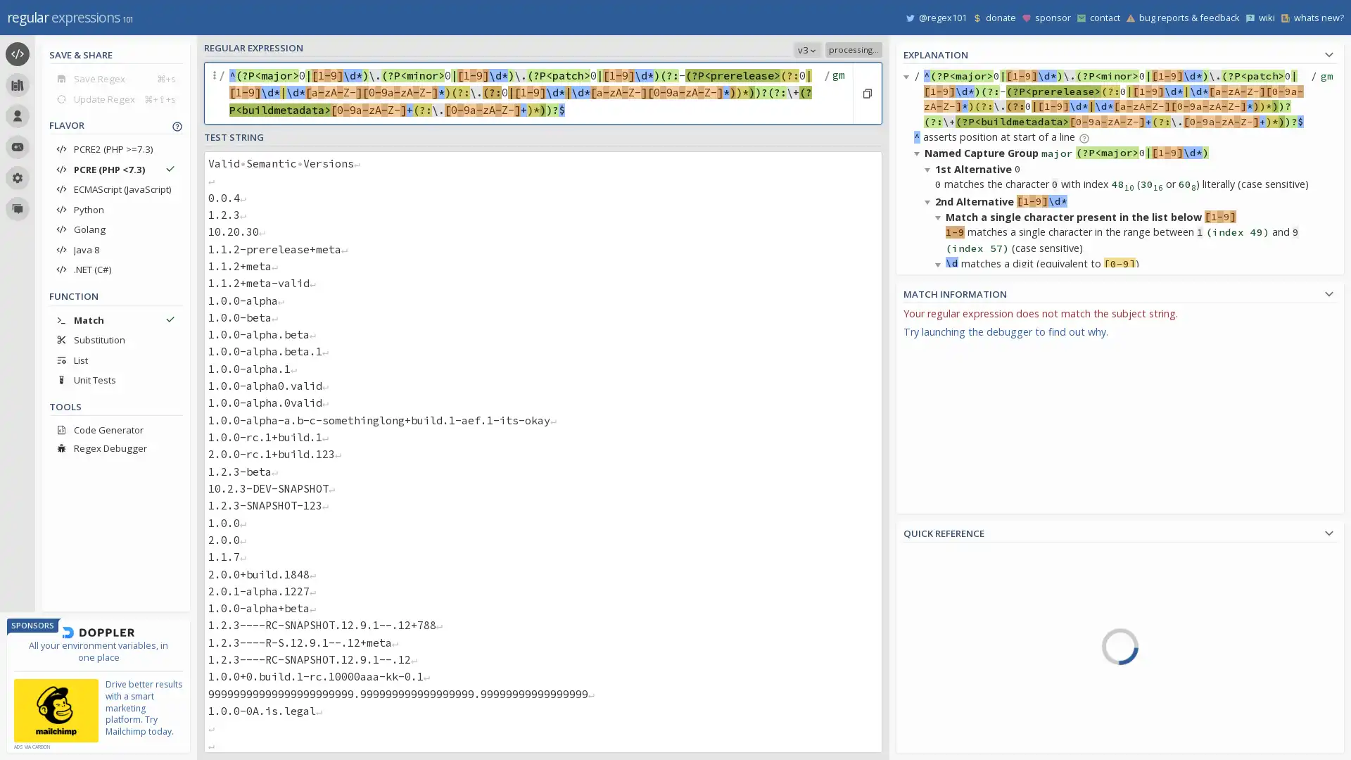 The width and height of the screenshot is (1351, 760). I want to click on Save Regex +s, so click(115, 78).